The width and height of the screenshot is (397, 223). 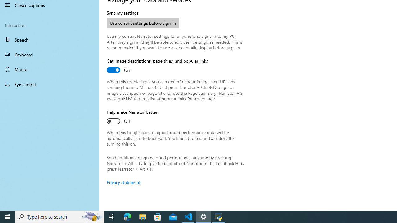 I want to click on 'Settings - 1 running window', so click(x=203, y=216).